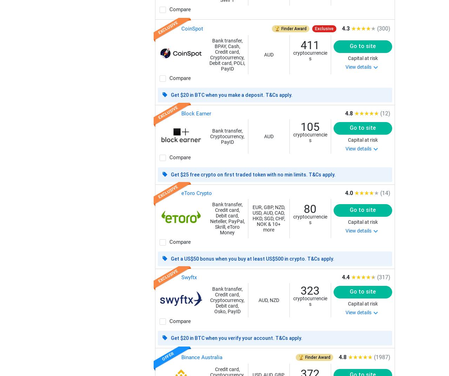 The image size is (449, 376). Describe the element at coordinates (236, 338) in the screenshot. I see `'Get $20 in BTC when you verify your account. T&Cs apply.'` at that location.